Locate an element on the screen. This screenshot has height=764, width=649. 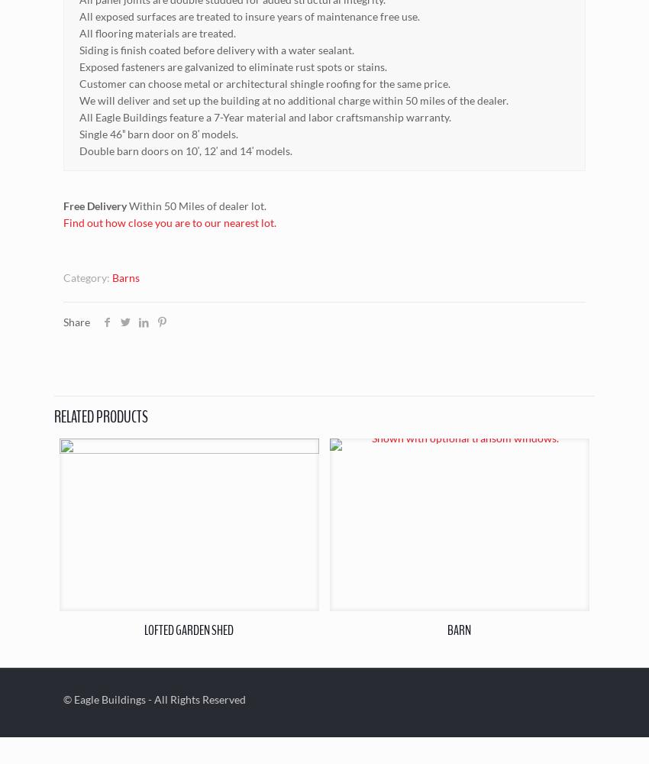
'All flooring materials are treated.' is located at coordinates (157, 32).